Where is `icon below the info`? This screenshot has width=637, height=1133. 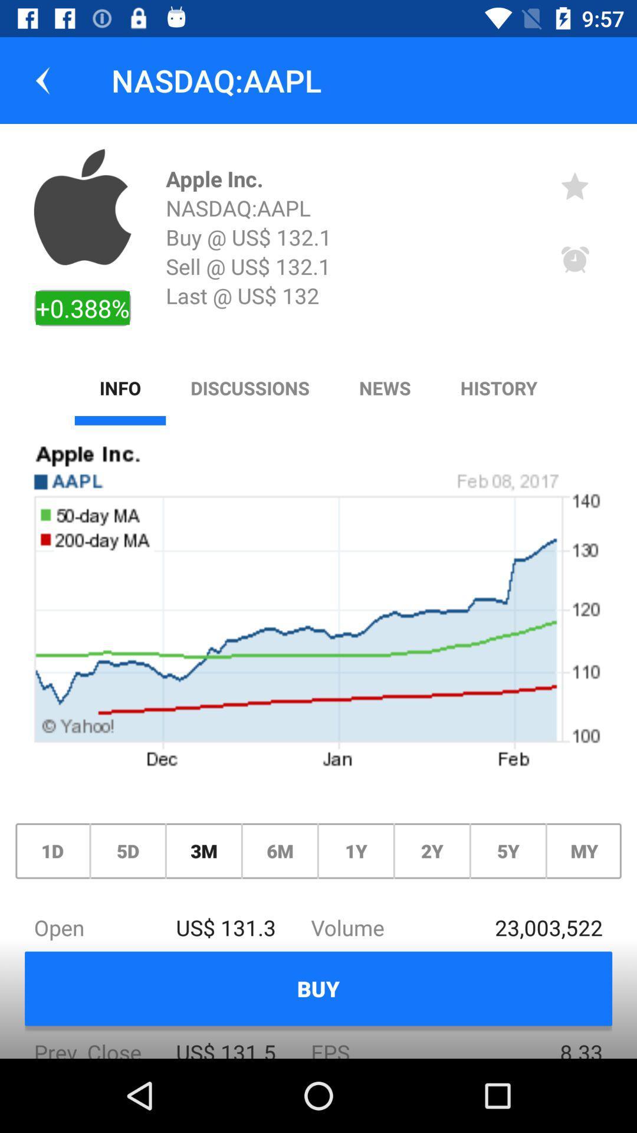 icon below the info is located at coordinates (318, 611).